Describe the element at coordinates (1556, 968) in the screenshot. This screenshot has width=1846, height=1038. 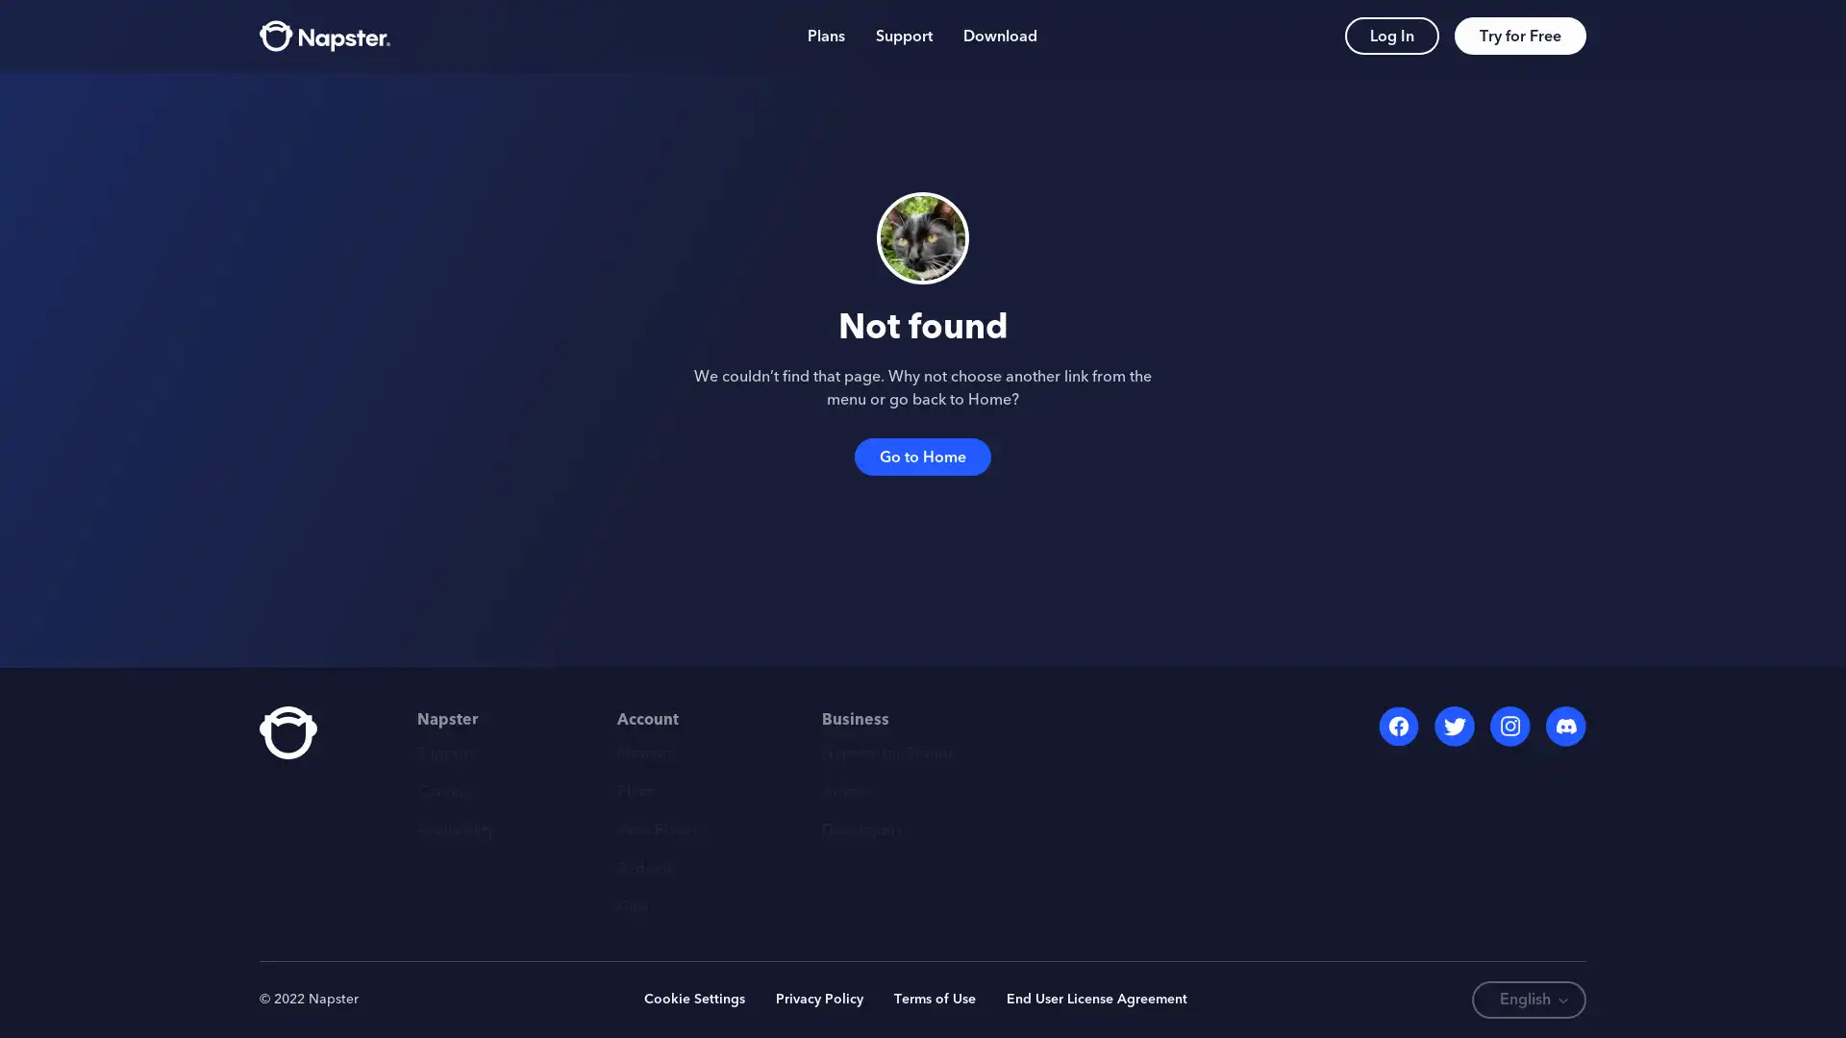
I see `Settings` at that location.